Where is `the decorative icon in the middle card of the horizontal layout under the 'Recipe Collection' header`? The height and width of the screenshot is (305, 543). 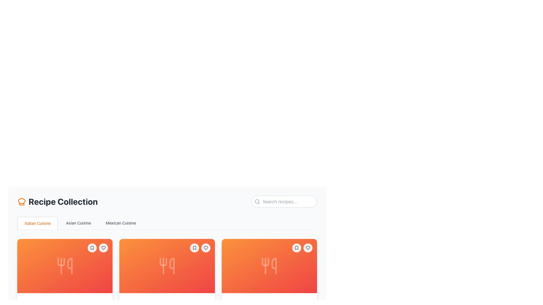
the decorative icon in the middle card of the horizontal layout under the 'Recipe Collection' header is located at coordinates (167, 266).